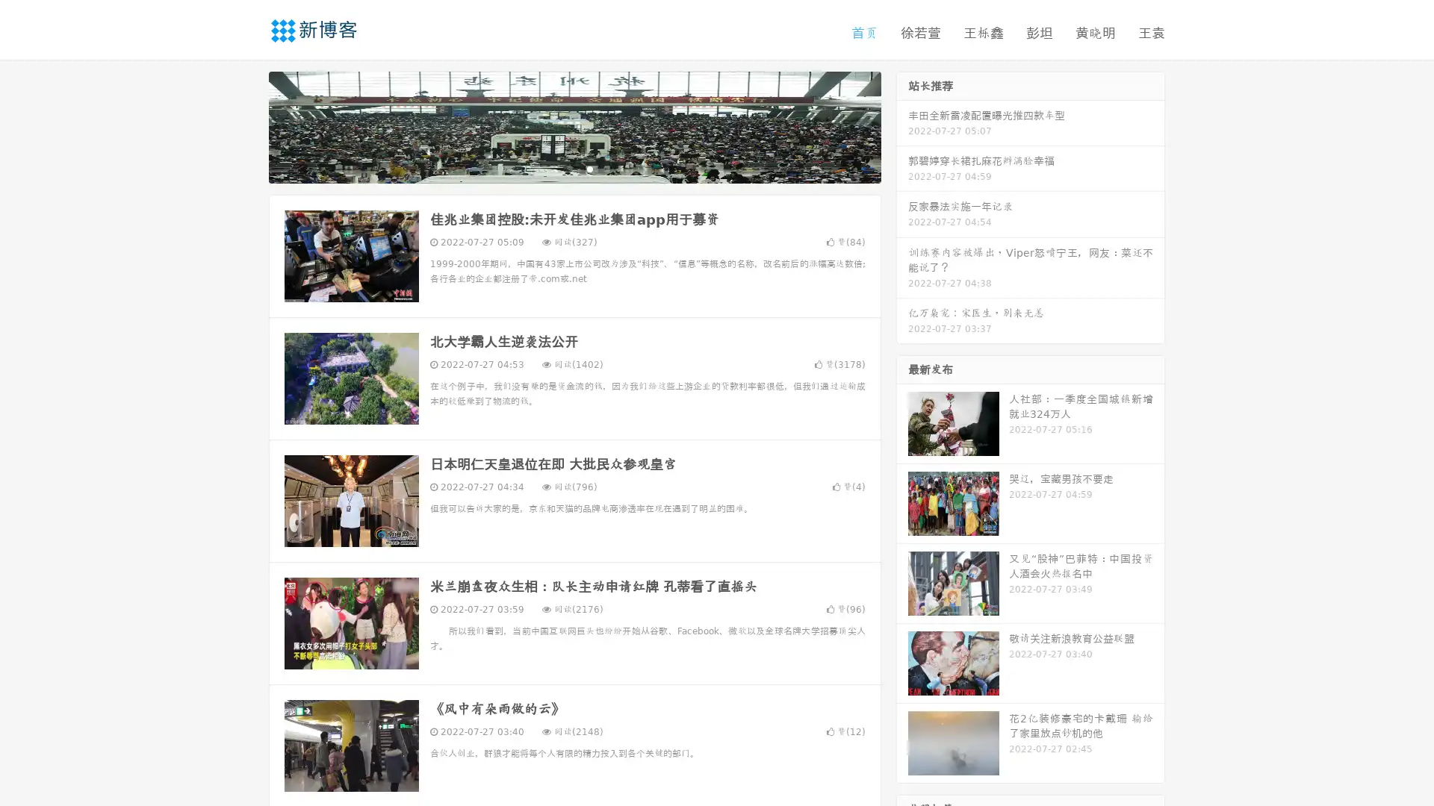  I want to click on Go to slide 1, so click(559, 168).